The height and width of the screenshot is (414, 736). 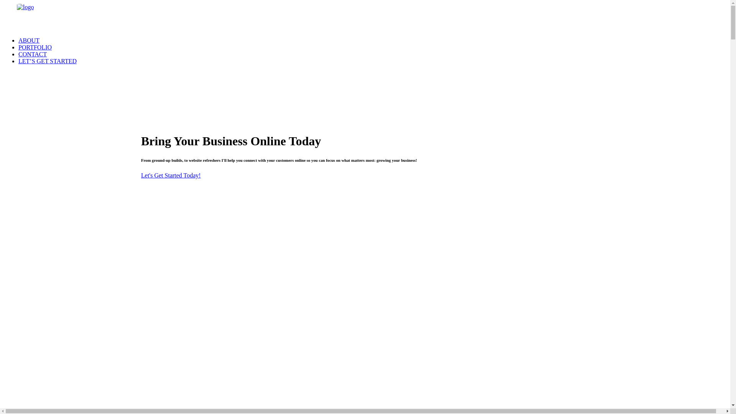 What do you see at coordinates (171, 175) in the screenshot?
I see `'Let's Get Started Today!'` at bounding box center [171, 175].